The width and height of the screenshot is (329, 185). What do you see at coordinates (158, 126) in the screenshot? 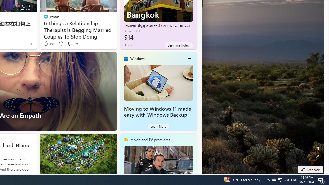
I see `'Learn More'` at bounding box center [158, 126].